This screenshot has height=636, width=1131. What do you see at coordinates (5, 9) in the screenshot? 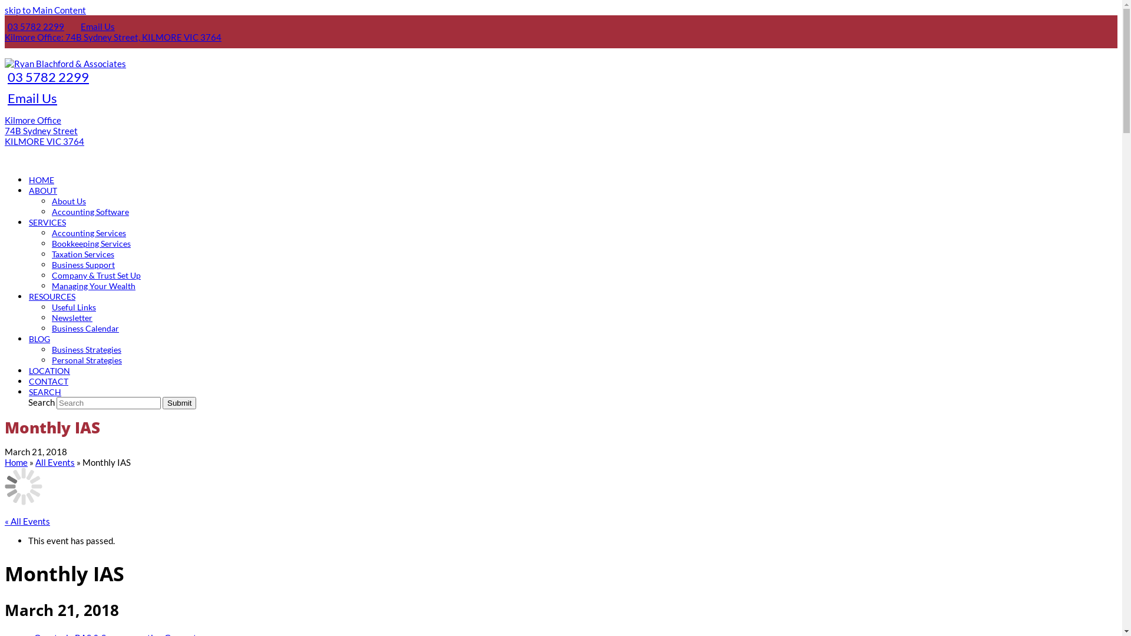
I see `'skip to Main Content'` at bounding box center [5, 9].